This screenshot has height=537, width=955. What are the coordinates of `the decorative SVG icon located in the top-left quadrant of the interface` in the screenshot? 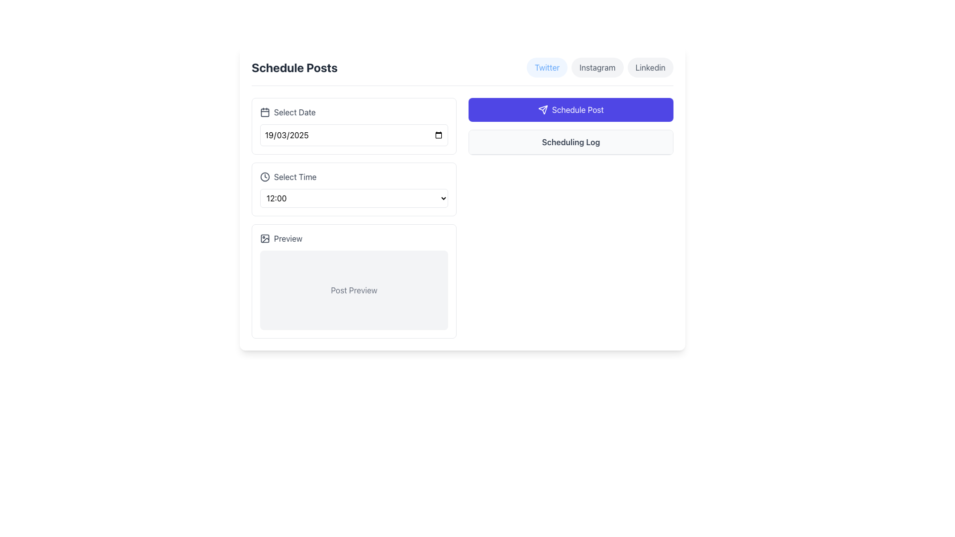 It's located at (265, 238).